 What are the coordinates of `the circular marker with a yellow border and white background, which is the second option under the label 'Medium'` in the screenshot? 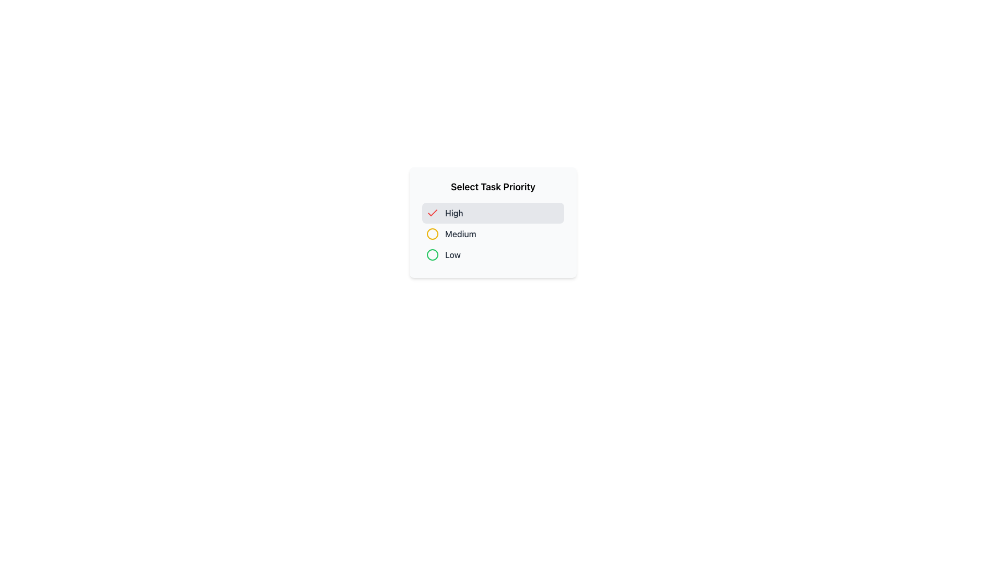 It's located at (433, 233).